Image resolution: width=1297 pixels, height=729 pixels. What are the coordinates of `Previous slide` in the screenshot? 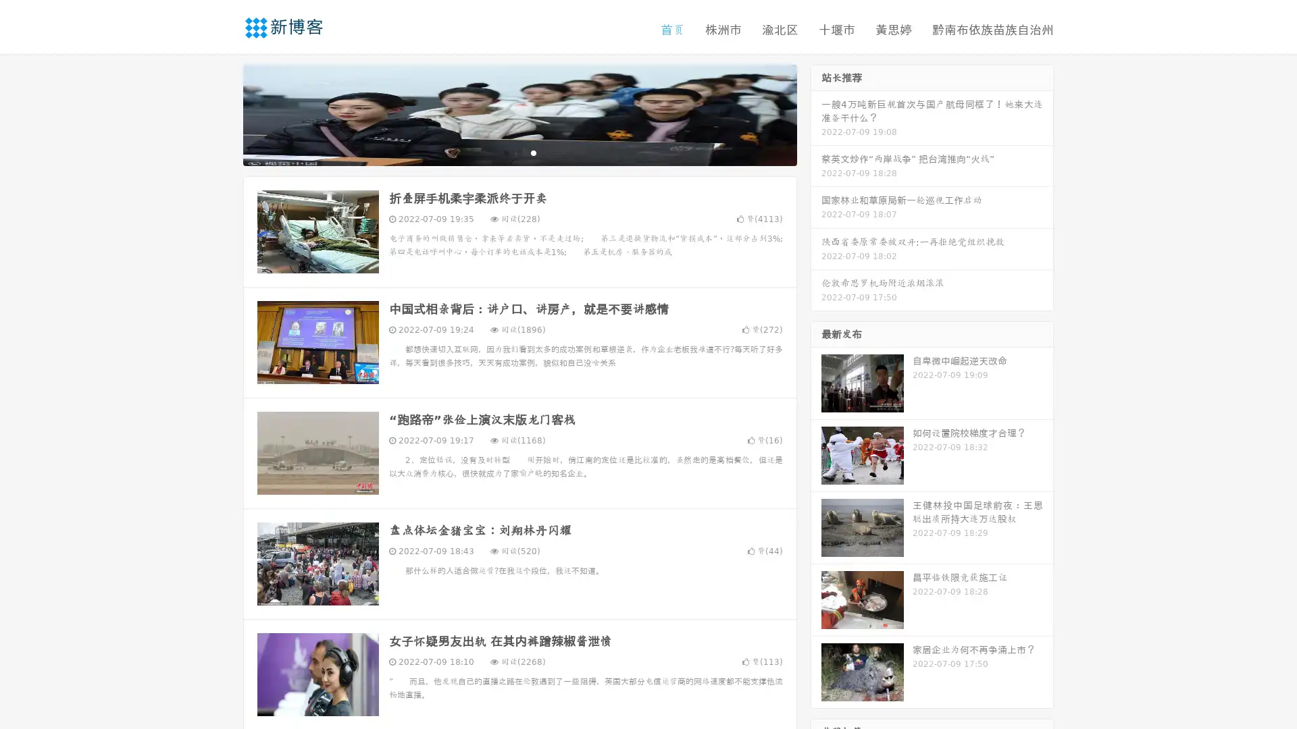 It's located at (223, 113).